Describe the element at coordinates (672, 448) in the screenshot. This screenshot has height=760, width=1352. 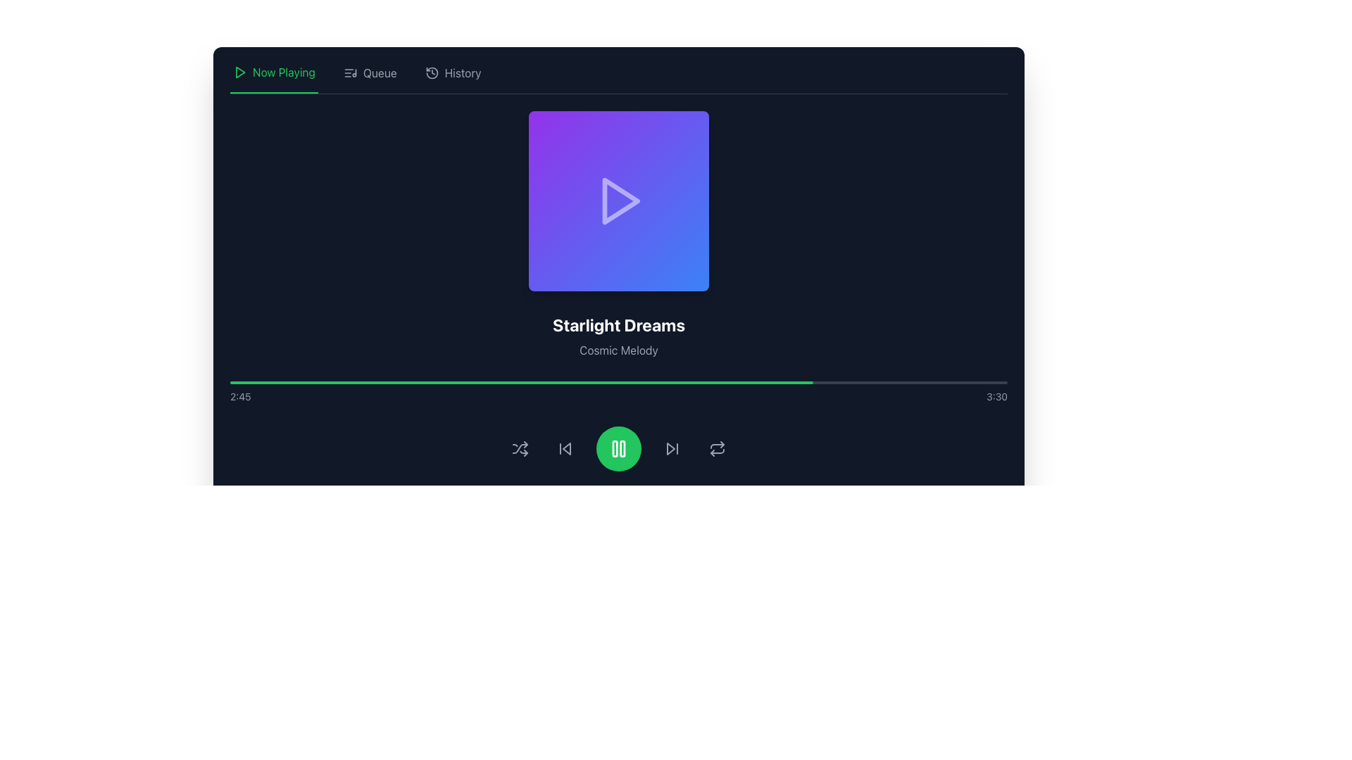
I see `the fourth button from the left in the control button set at the bottom center of the interface to skip to the next track` at that location.